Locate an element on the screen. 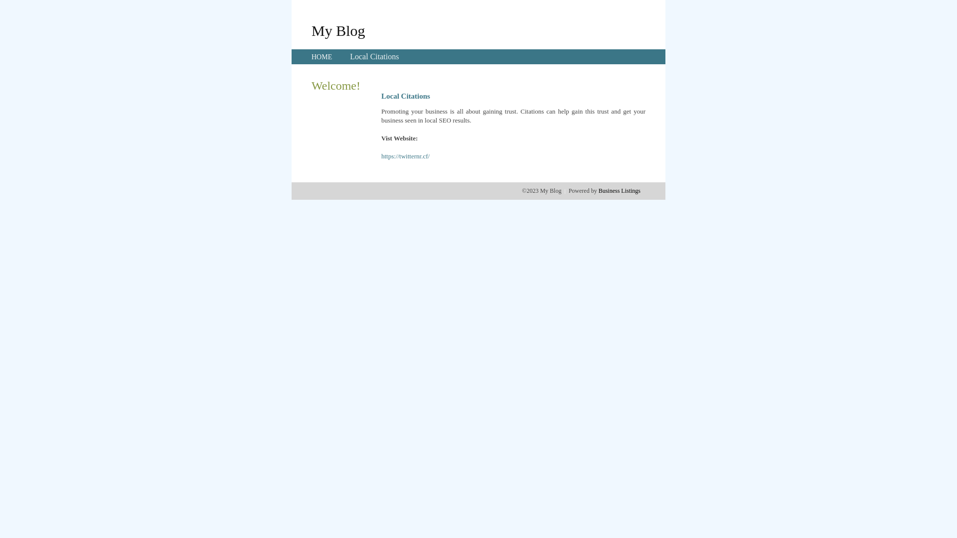  'HOME' is located at coordinates (311, 57).